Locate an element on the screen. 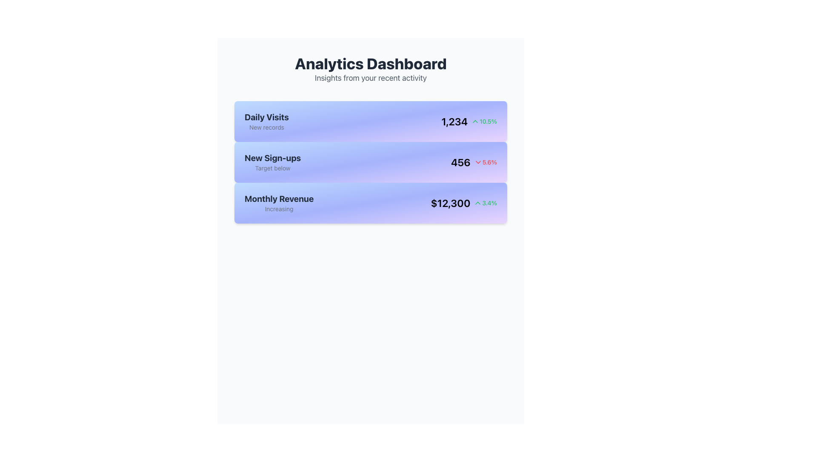  the Composite Data Display Element that shows the numerical figure '1,234' and the percentage '10.5%' with an upward green arrow, located in the top right corner of the 'Daily Visits' card is located at coordinates (468, 121).